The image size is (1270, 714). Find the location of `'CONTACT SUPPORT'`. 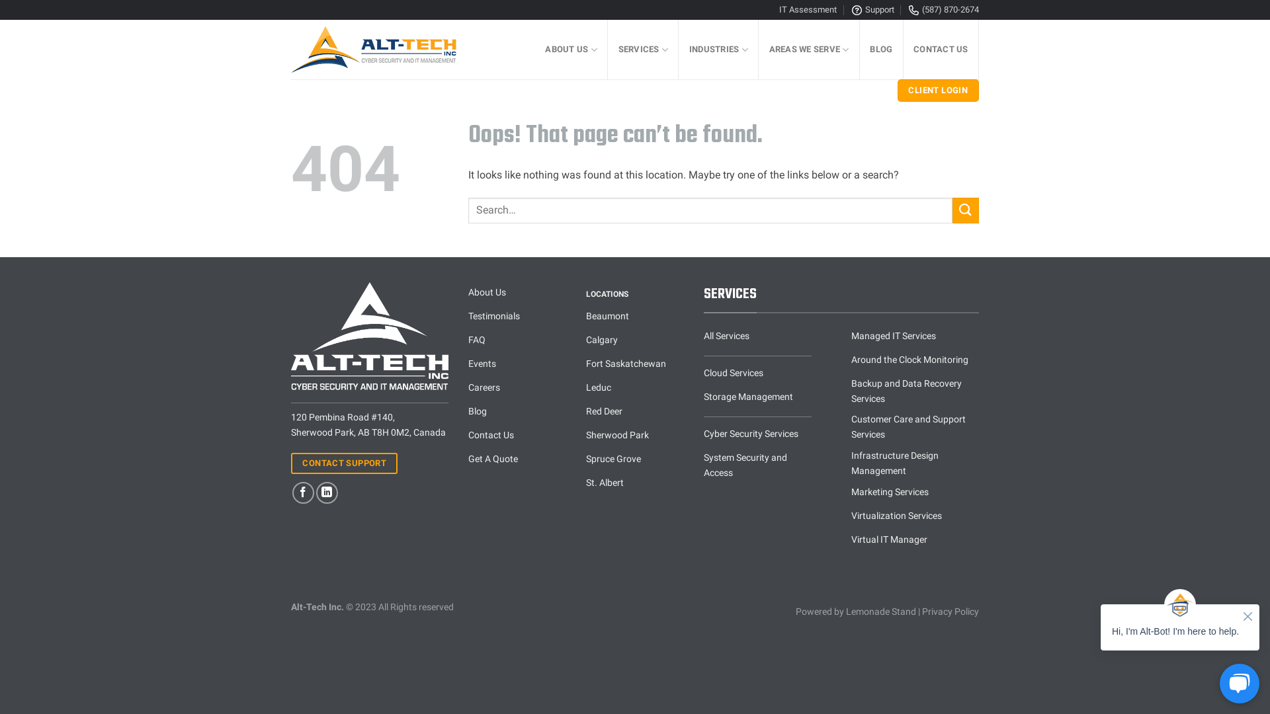

'CONTACT SUPPORT' is located at coordinates (344, 463).